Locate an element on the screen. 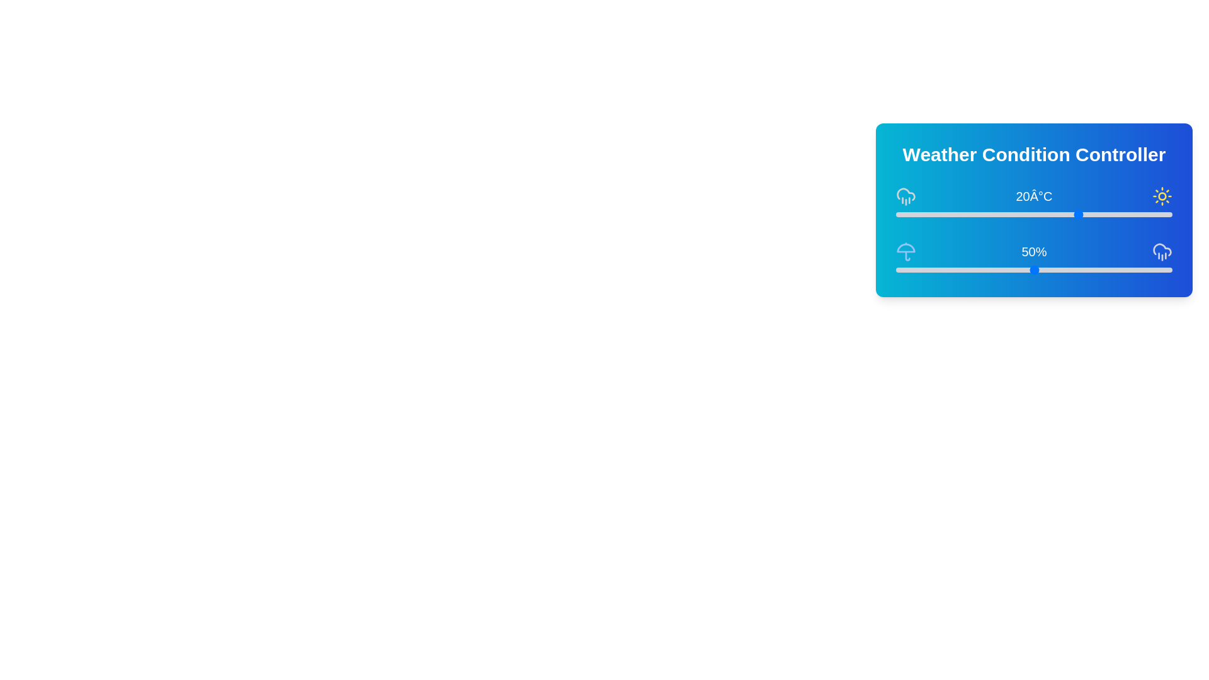 The width and height of the screenshot is (1209, 680). the precipitation slider to 5% is located at coordinates (909, 269).